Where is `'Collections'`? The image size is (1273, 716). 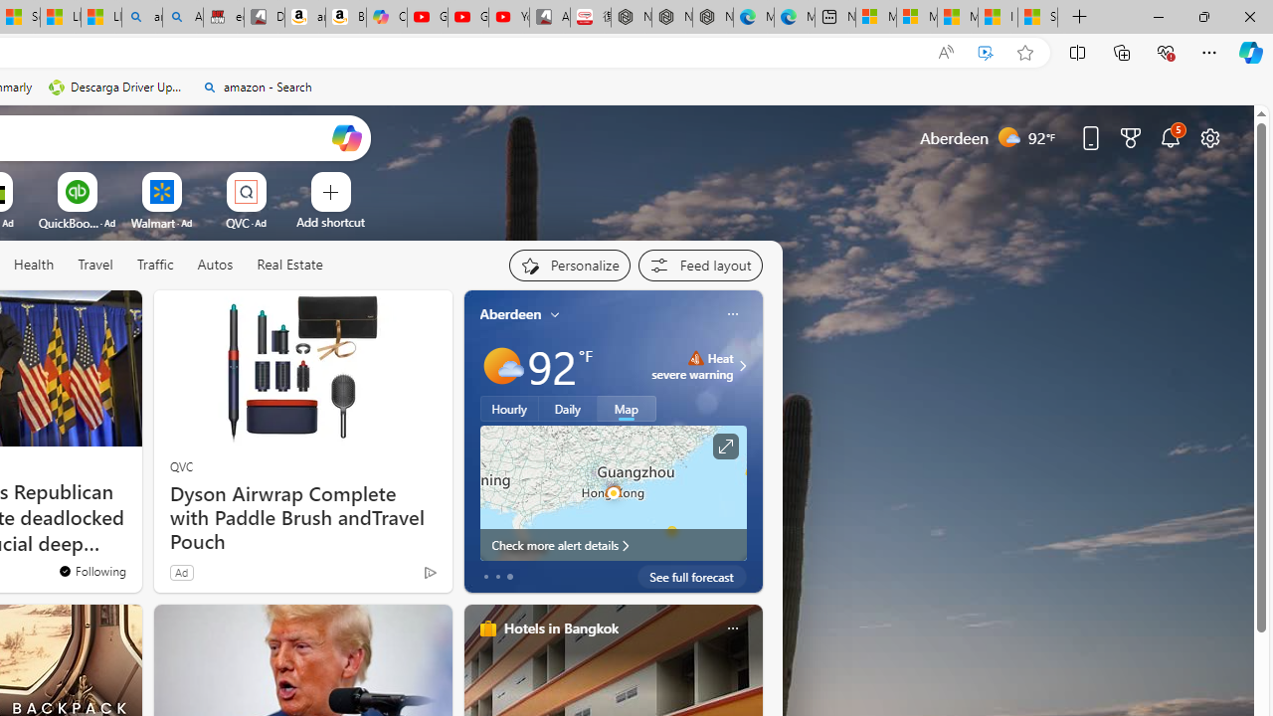
'Collections' is located at coordinates (1122, 51).